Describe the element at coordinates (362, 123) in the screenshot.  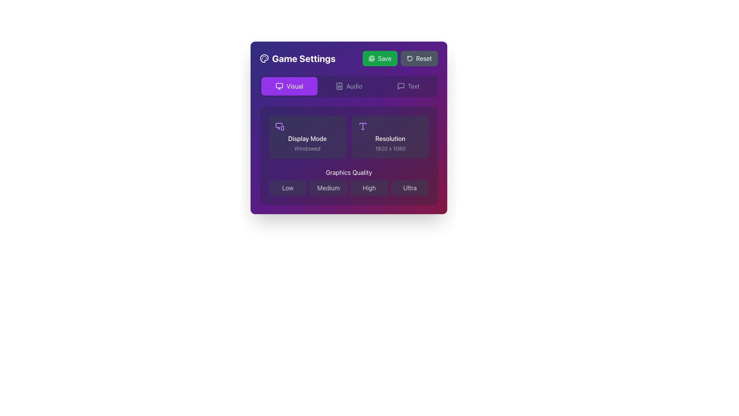
I see `the thin, horizontal trapezoidal graphical element located at the top center of the larger rectangular canvas` at that location.